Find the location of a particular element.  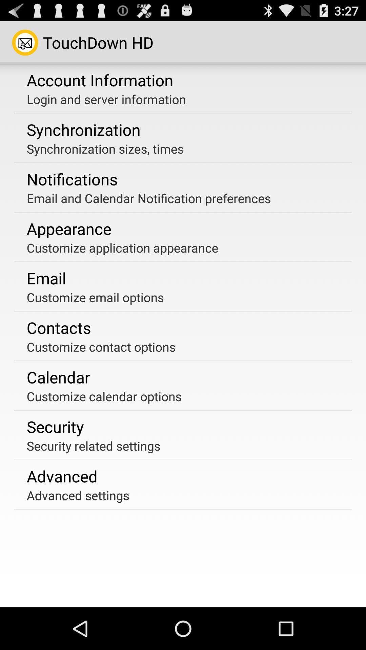

the synchronization sizes, times icon is located at coordinates (105, 148).